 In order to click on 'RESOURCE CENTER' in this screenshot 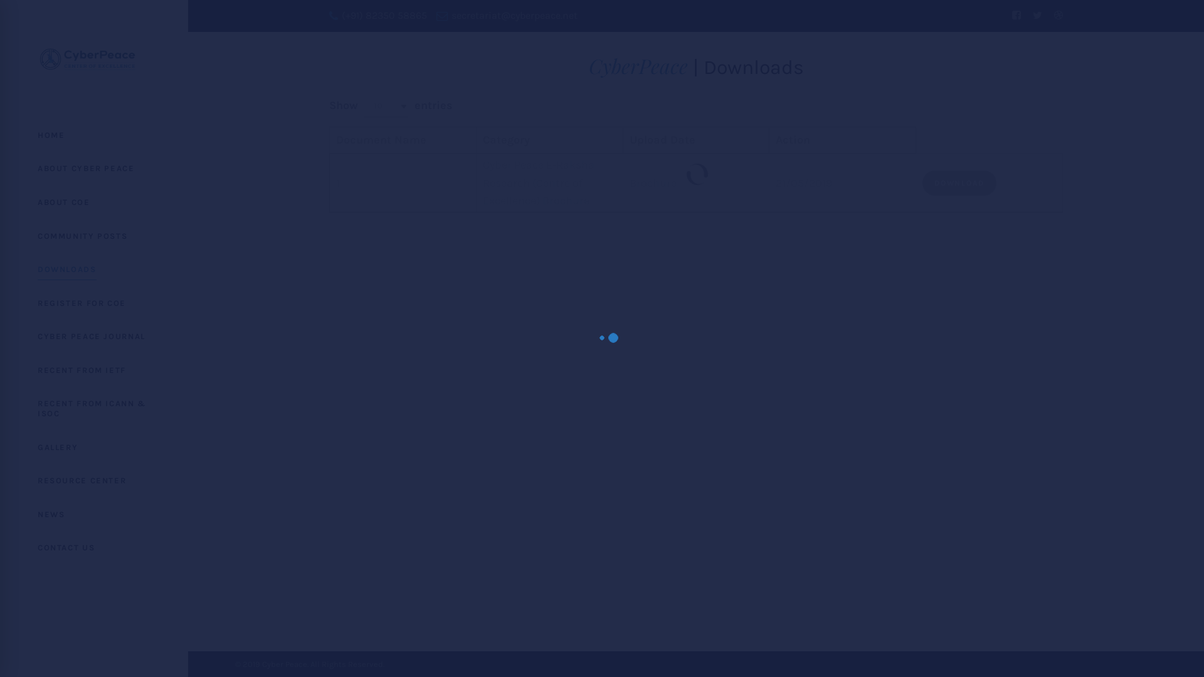, I will do `click(0, 480)`.